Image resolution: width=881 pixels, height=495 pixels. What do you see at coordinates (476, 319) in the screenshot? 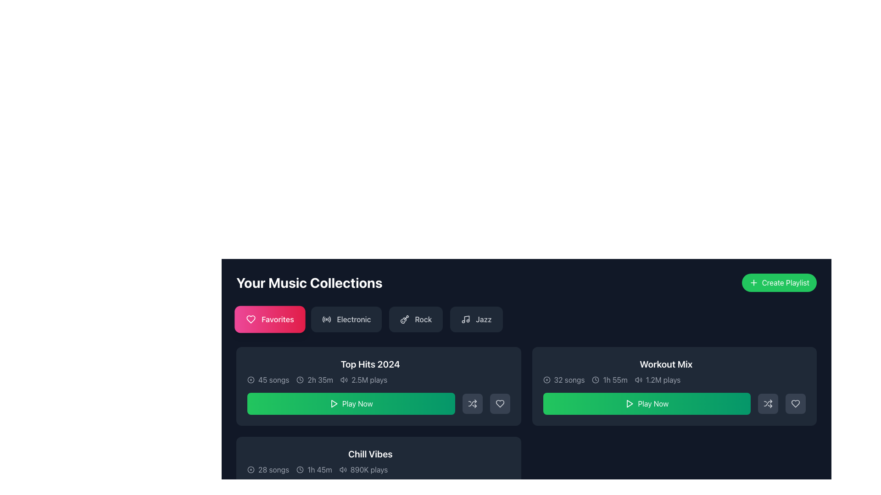
I see `the 'Jazz' button, which is a rectangular button with a dark gray background featuring a music note icon and the text 'Jazz' in white` at bounding box center [476, 319].